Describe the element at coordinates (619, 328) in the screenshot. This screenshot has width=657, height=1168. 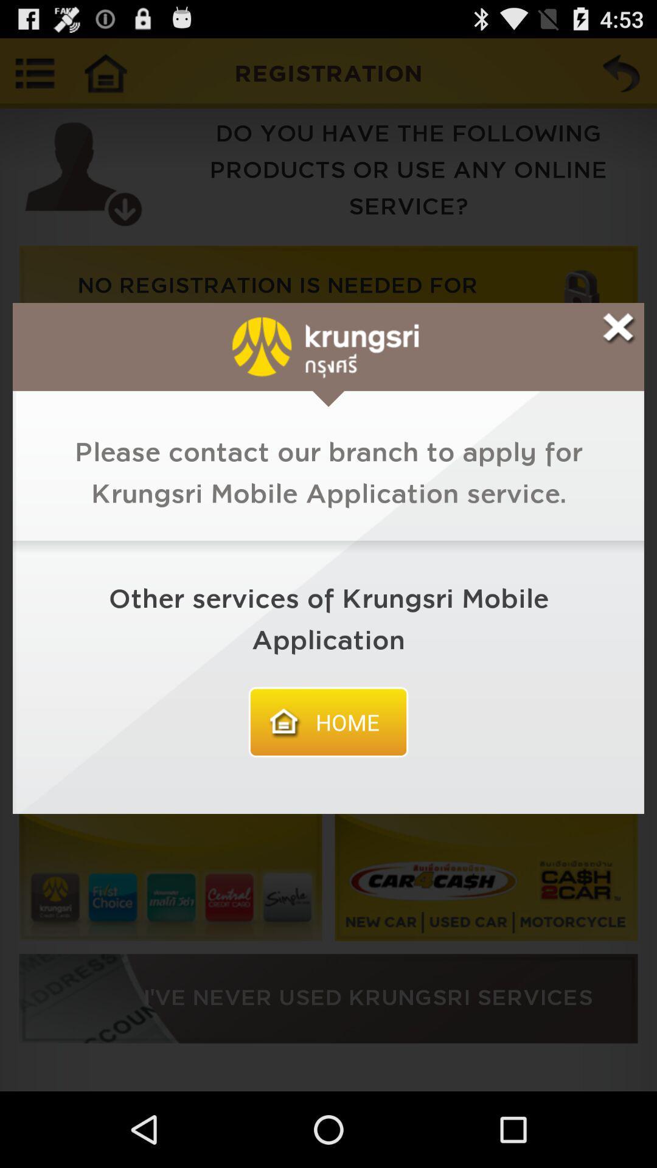
I see `notification window` at that location.